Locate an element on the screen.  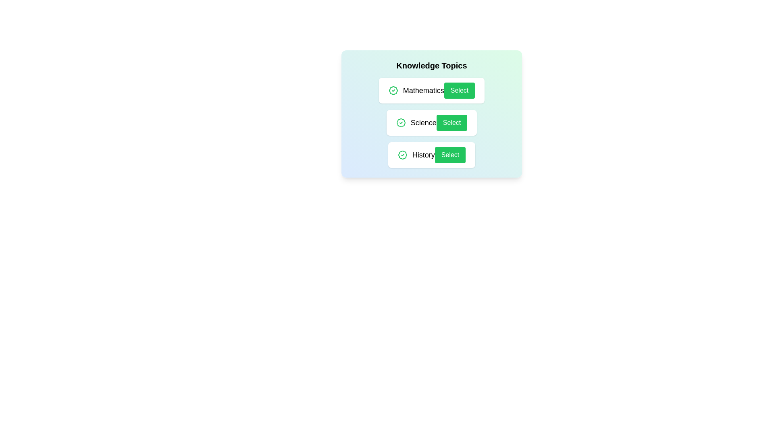
the topic name Science to focus or select it is located at coordinates (423, 122).